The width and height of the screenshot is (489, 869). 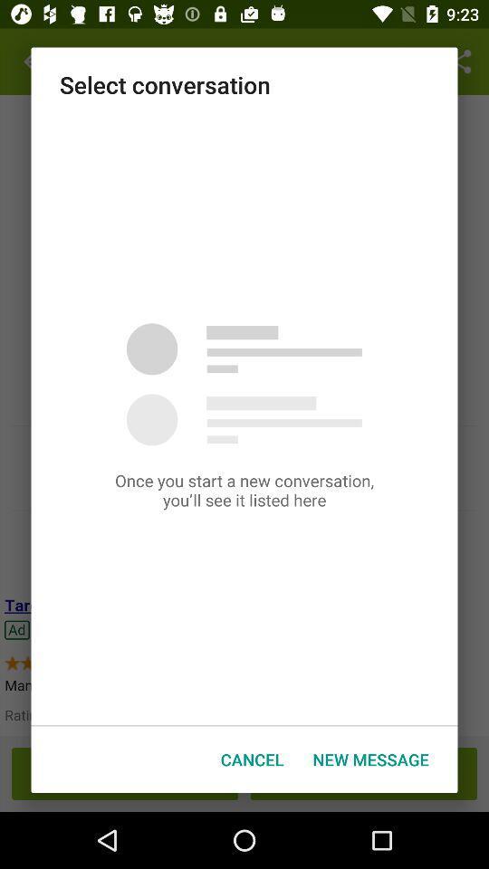 What do you see at coordinates (251, 759) in the screenshot?
I see `item to the left of the new message button` at bounding box center [251, 759].